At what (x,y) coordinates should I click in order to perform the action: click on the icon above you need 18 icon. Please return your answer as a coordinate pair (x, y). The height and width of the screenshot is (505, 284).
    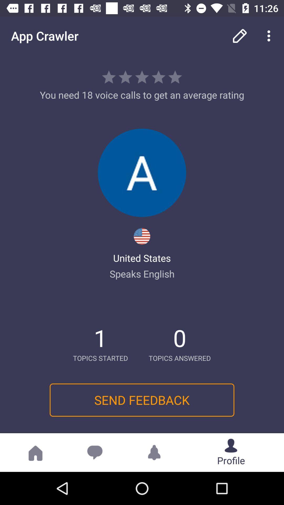
    Looking at the image, I should click on (240, 36).